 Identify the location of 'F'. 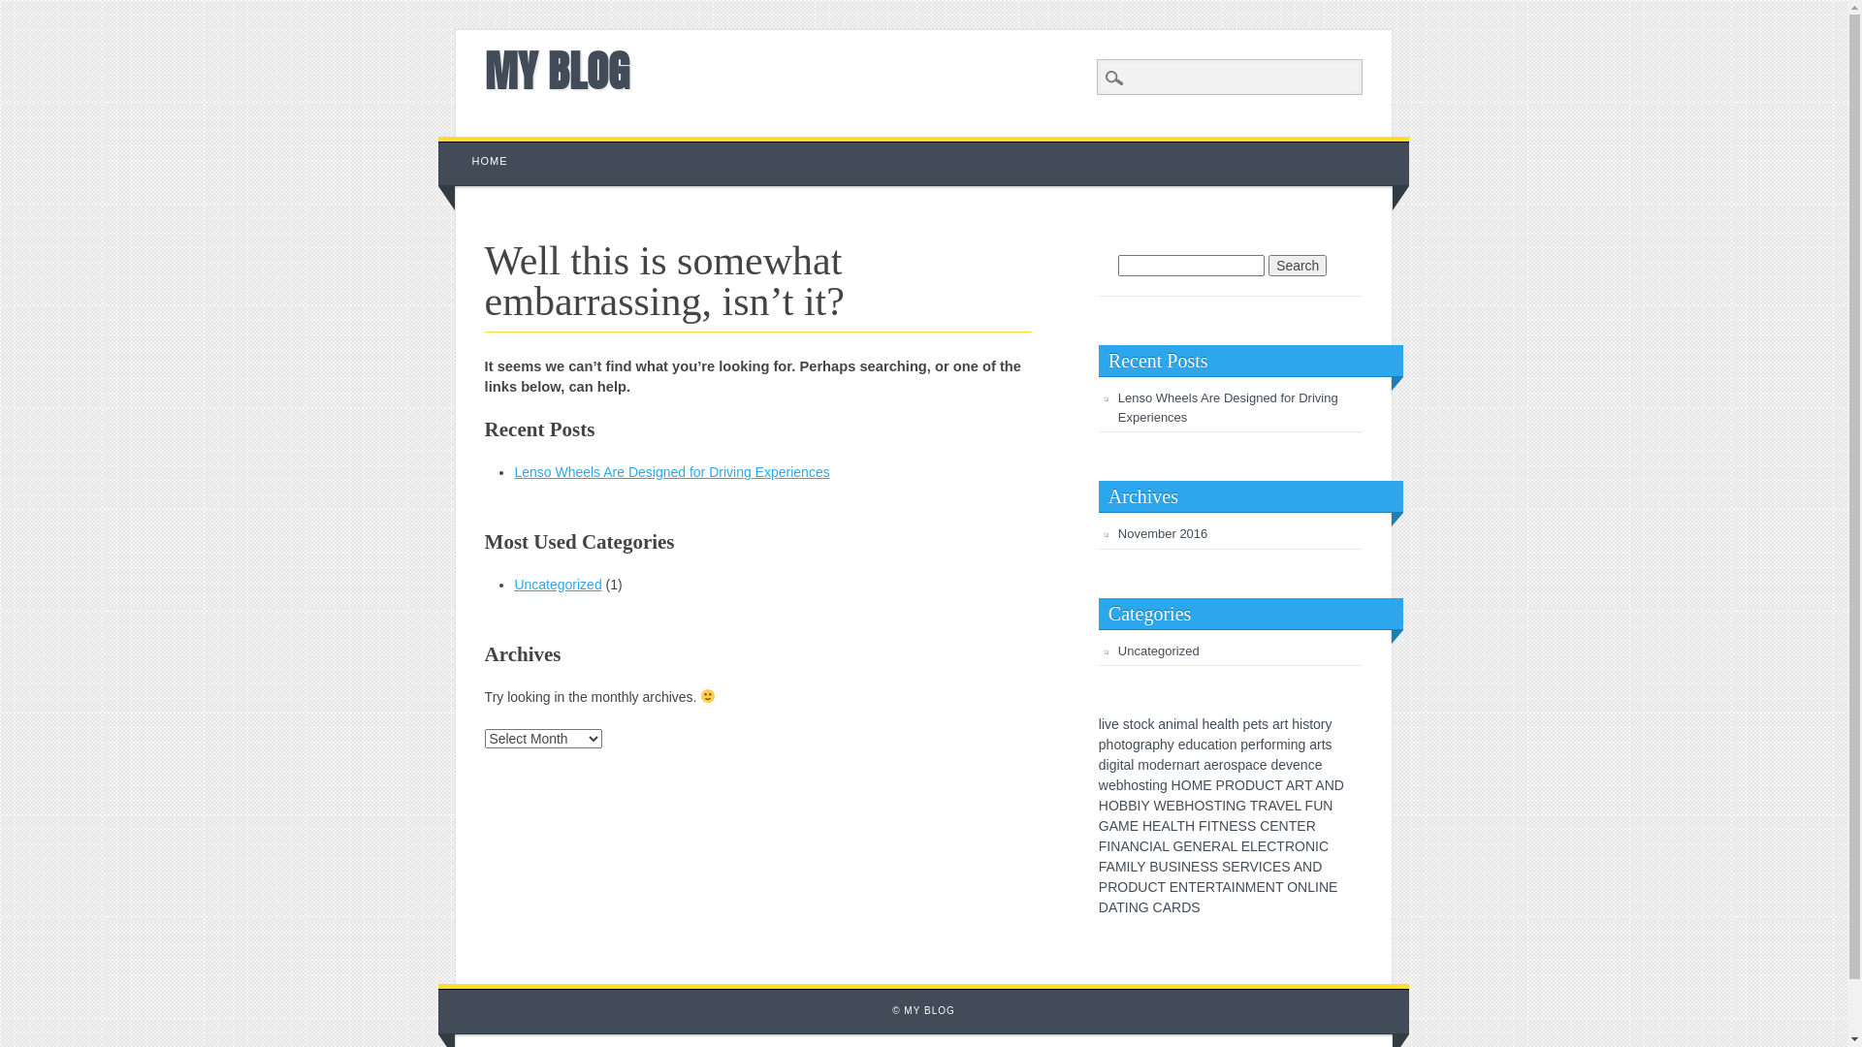
(1198, 826).